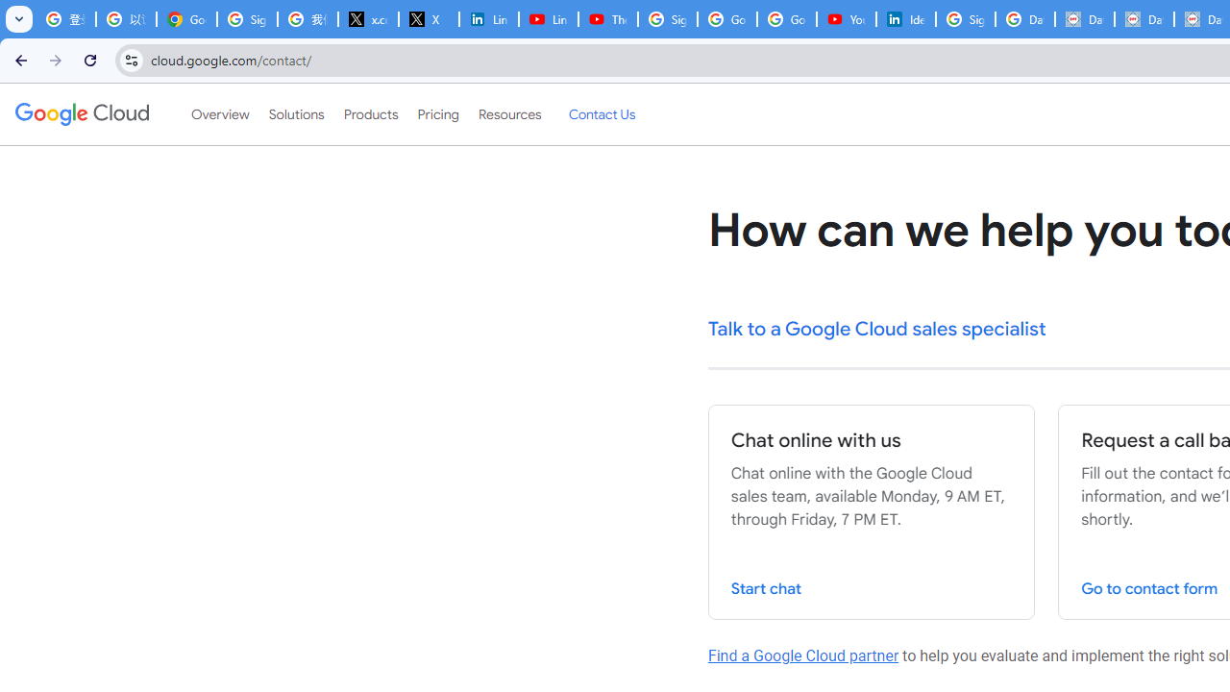  I want to click on 'LinkedIn Privacy Policy', so click(488, 19).